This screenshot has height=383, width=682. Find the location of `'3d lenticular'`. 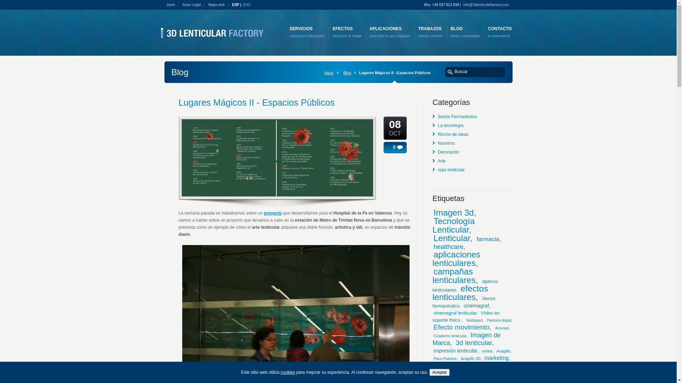

'3d lenticular' is located at coordinates (474, 342).